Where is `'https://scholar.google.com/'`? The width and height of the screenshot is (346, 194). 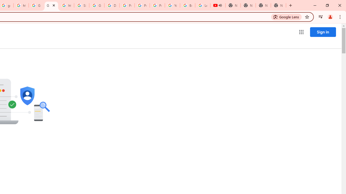
'https://scholar.google.com/' is located at coordinates (21, 5).